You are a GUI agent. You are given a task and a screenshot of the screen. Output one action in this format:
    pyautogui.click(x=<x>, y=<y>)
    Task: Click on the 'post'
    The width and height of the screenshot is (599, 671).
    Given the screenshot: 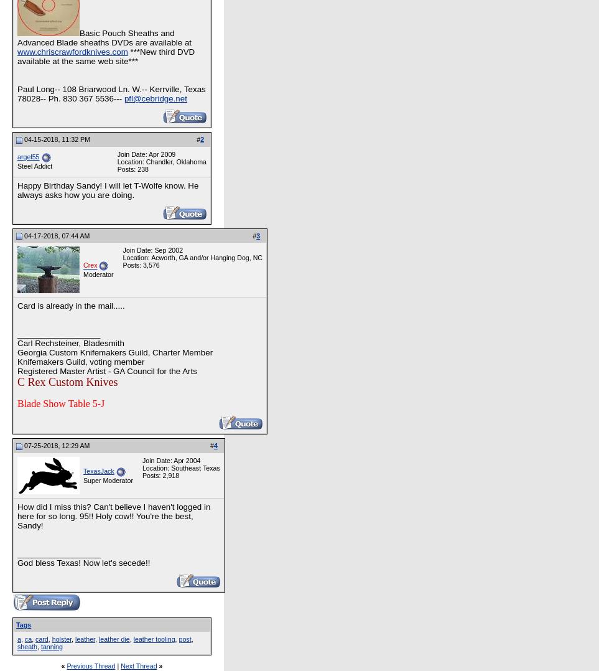 What is the action you would take?
    pyautogui.click(x=183, y=639)
    